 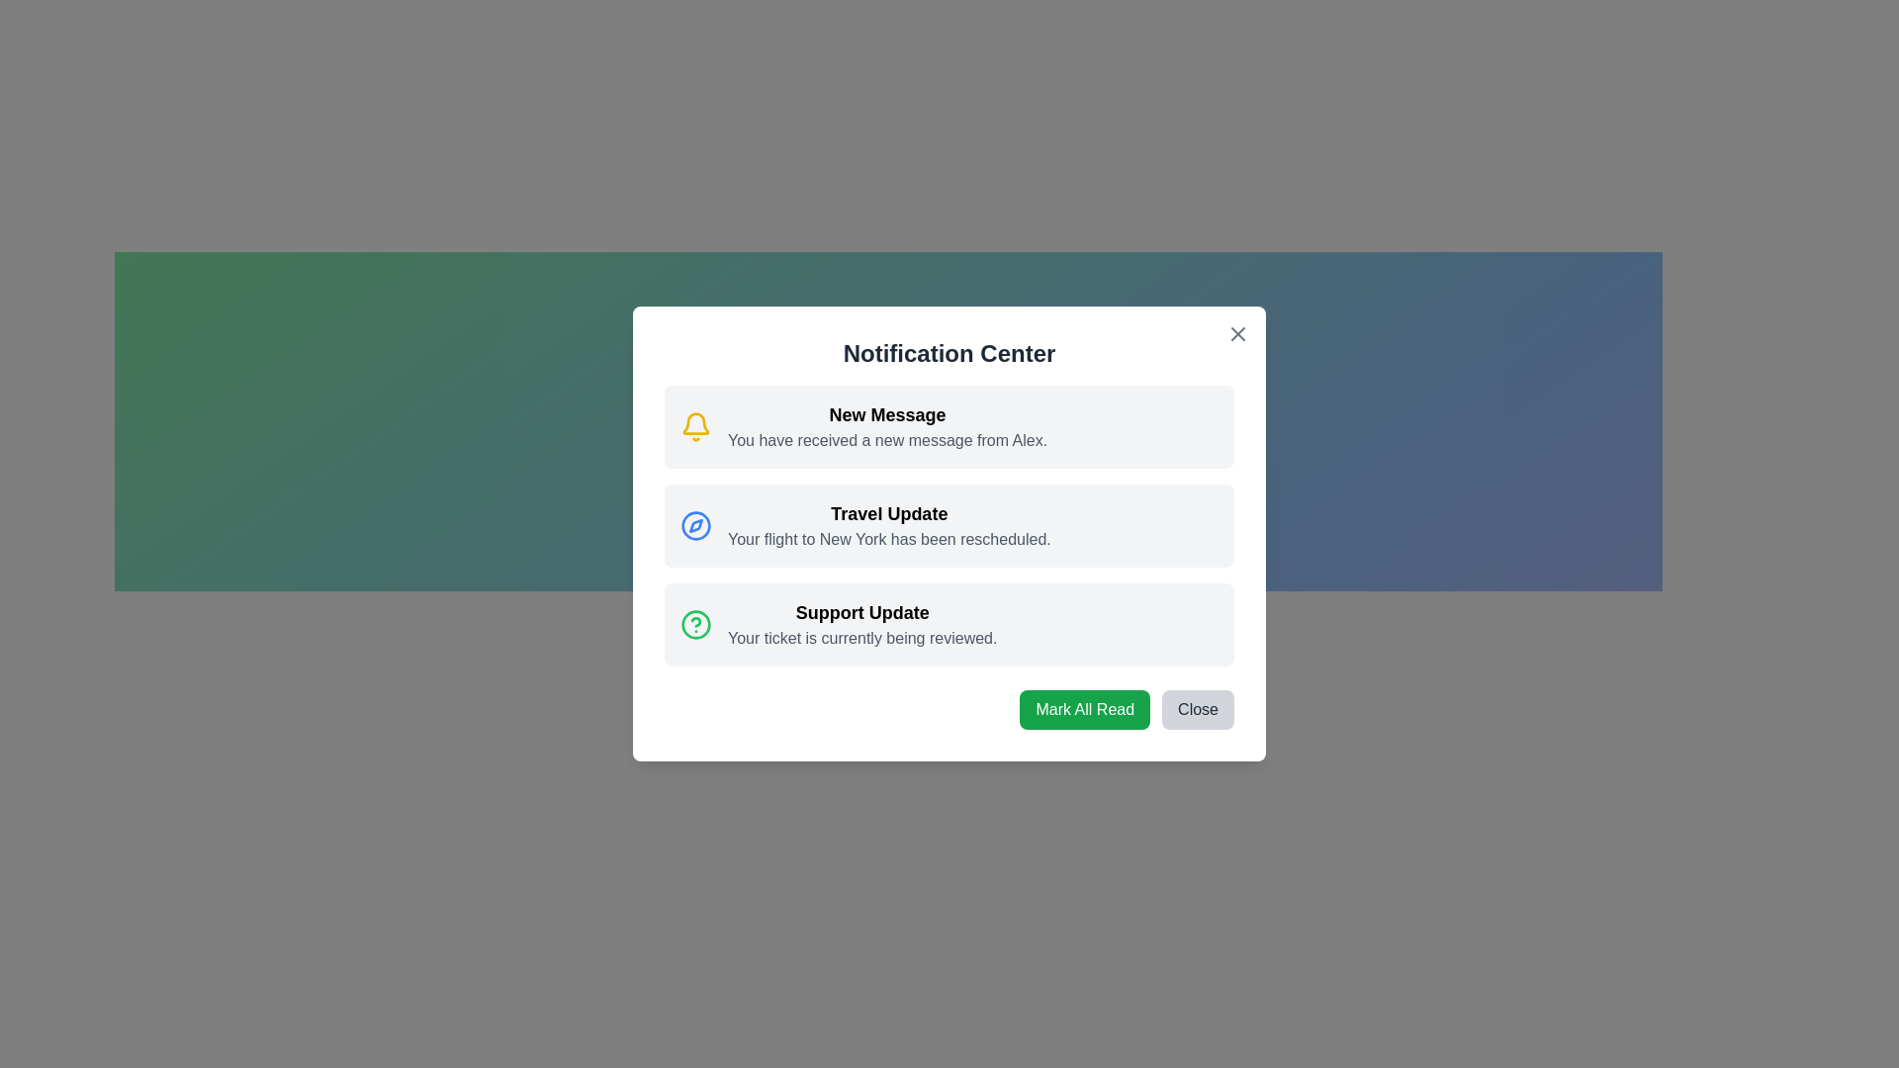 What do you see at coordinates (1084, 708) in the screenshot?
I see `the 'Mark All Read' button with a green background and white text` at bounding box center [1084, 708].